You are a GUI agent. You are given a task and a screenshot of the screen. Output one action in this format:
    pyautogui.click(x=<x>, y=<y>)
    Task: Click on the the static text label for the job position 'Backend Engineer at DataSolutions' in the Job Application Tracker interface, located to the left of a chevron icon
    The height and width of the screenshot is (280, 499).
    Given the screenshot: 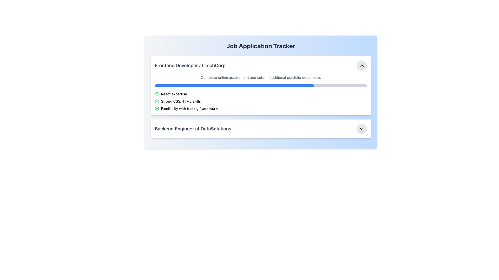 What is the action you would take?
    pyautogui.click(x=193, y=129)
    